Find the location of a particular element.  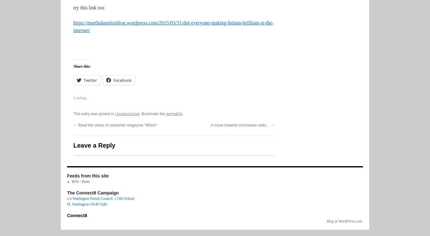

'Leave a Reply' is located at coordinates (94, 145).